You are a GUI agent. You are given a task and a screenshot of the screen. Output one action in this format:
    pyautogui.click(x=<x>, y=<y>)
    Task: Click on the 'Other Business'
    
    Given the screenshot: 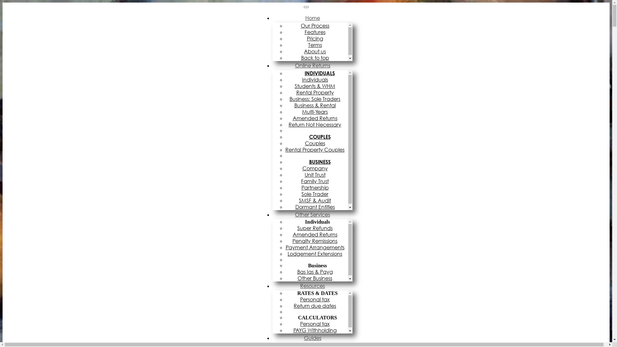 What is the action you would take?
    pyautogui.click(x=316, y=278)
    